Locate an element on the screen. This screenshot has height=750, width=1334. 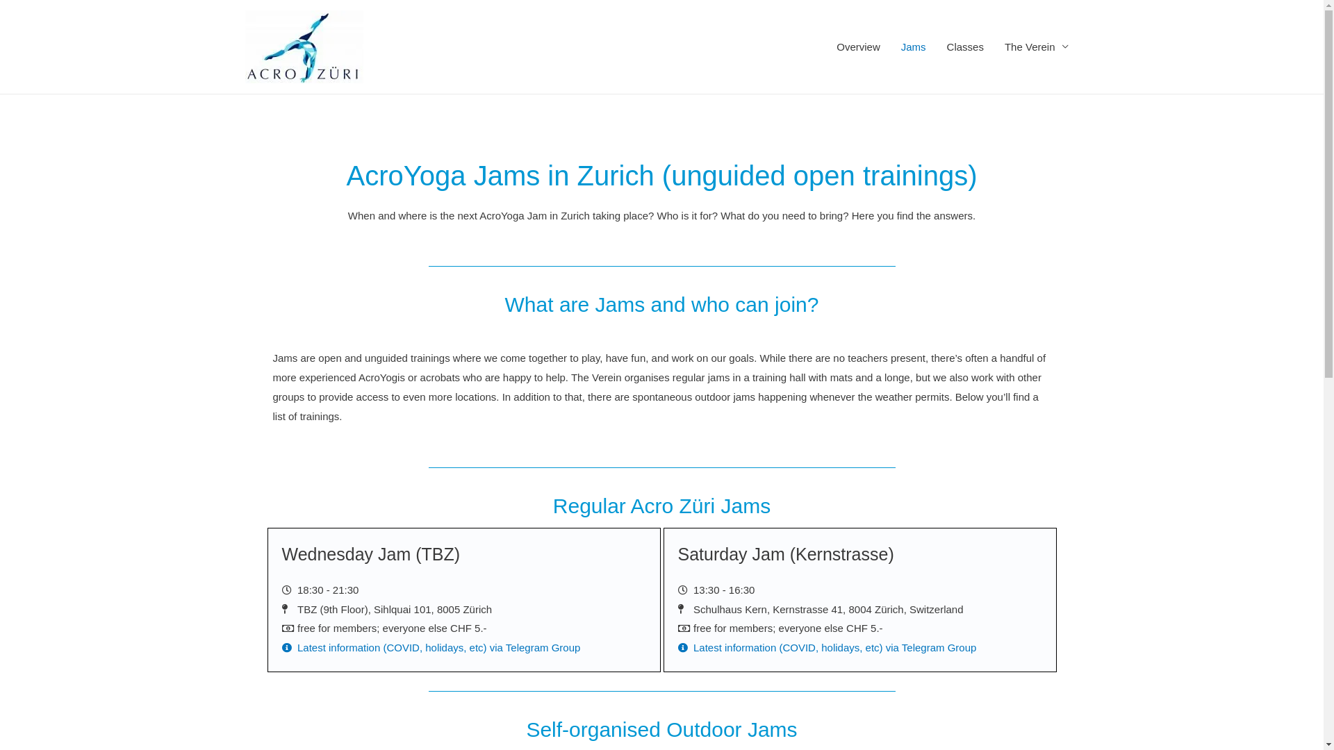
'Overview' is located at coordinates (857, 46).